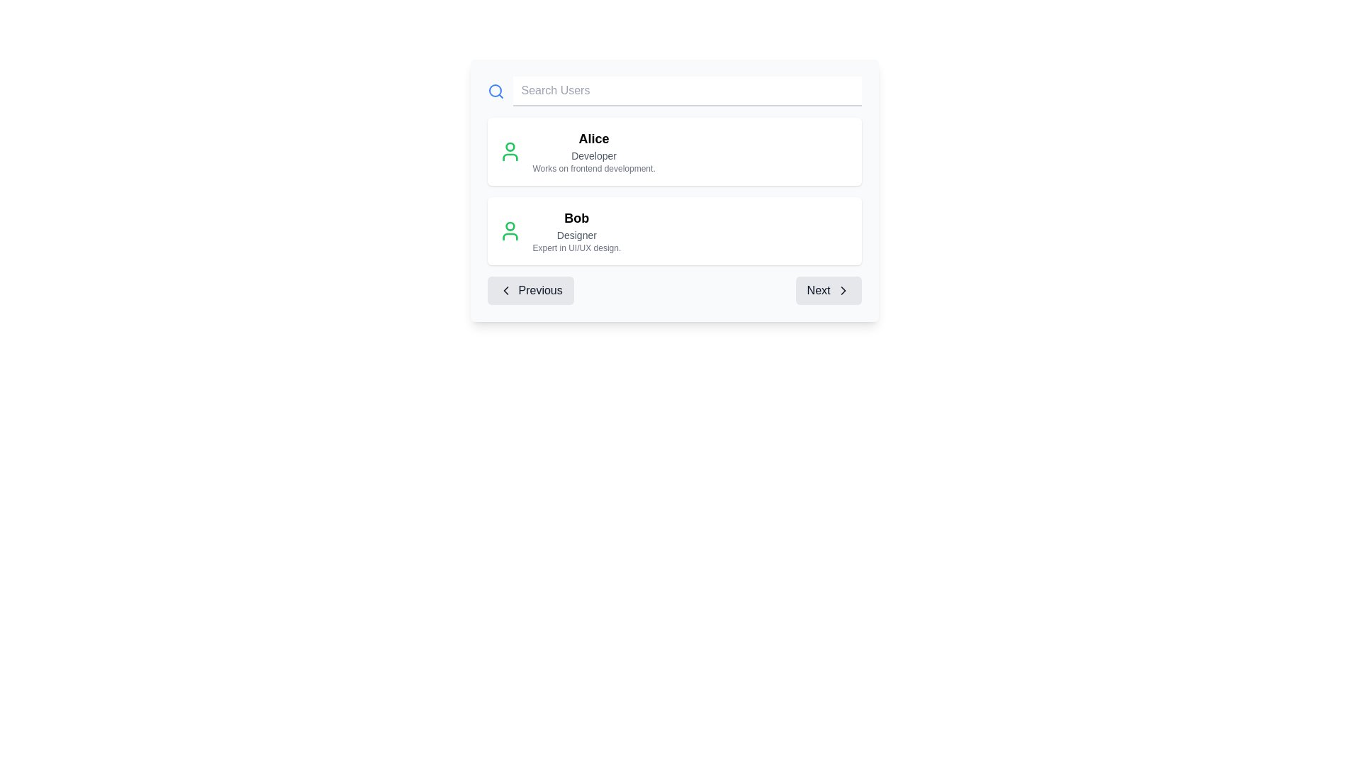 This screenshot has height=766, width=1361. Describe the element at coordinates (576, 248) in the screenshot. I see `the text element reading 'Expert in UI/UX design.' which is a small, light gray font subtitle located below 'Designer' in the second user card` at that location.